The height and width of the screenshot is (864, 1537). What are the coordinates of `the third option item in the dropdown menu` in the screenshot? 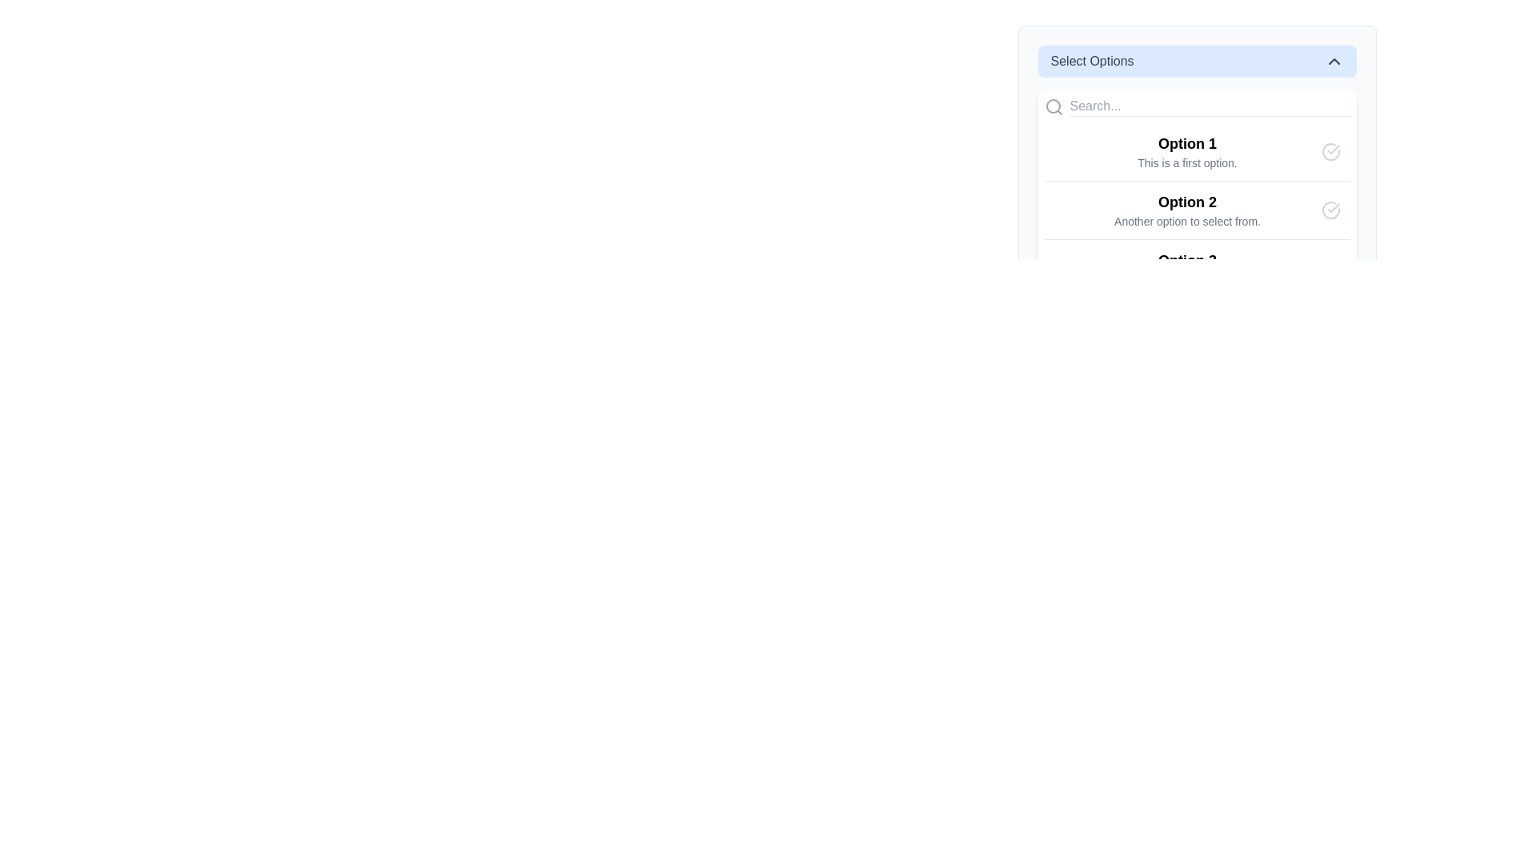 It's located at (1197, 267).